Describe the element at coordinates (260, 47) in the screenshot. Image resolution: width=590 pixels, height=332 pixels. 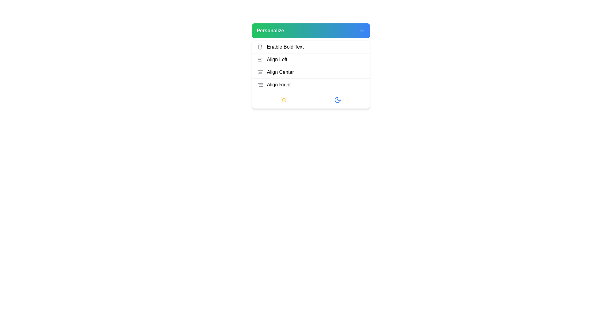
I see `the bolded letter 'B' icon, which is grayish and positioned to the left of the 'Enable Bold Text' menu option under the 'Personalize' dropdown` at that location.